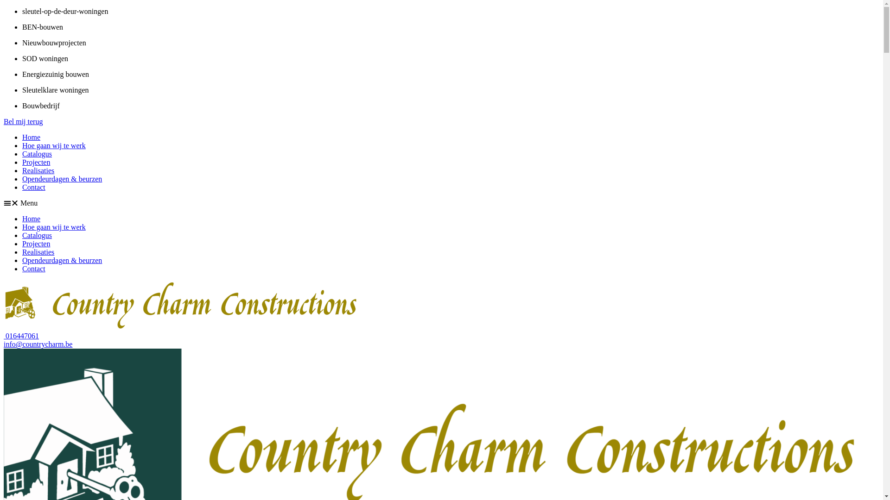  What do you see at coordinates (62, 260) in the screenshot?
I see `'Opendeurdagen & beurzen'` at bounding box center [62, 260].